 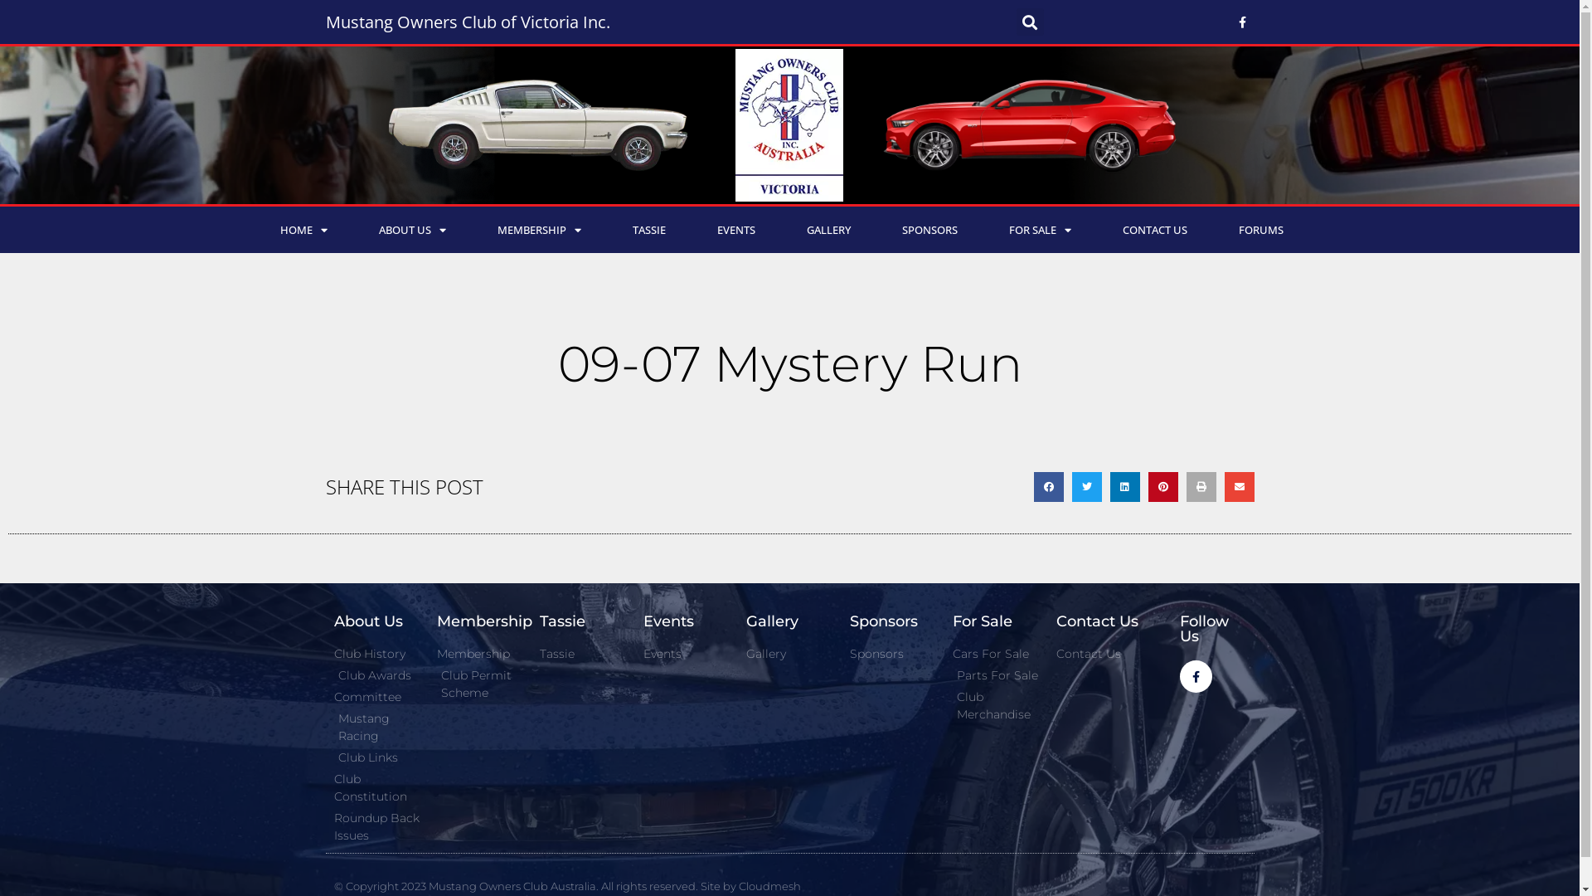 I want to click on 'Cars For Sale', so click(x=995, y=653).